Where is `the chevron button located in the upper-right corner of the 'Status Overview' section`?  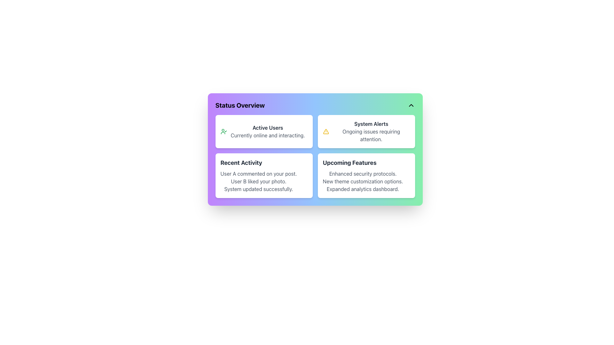 the chevron button located in the upper-right corner of the 'Status Overview' section is located at coordinates (411, 105).